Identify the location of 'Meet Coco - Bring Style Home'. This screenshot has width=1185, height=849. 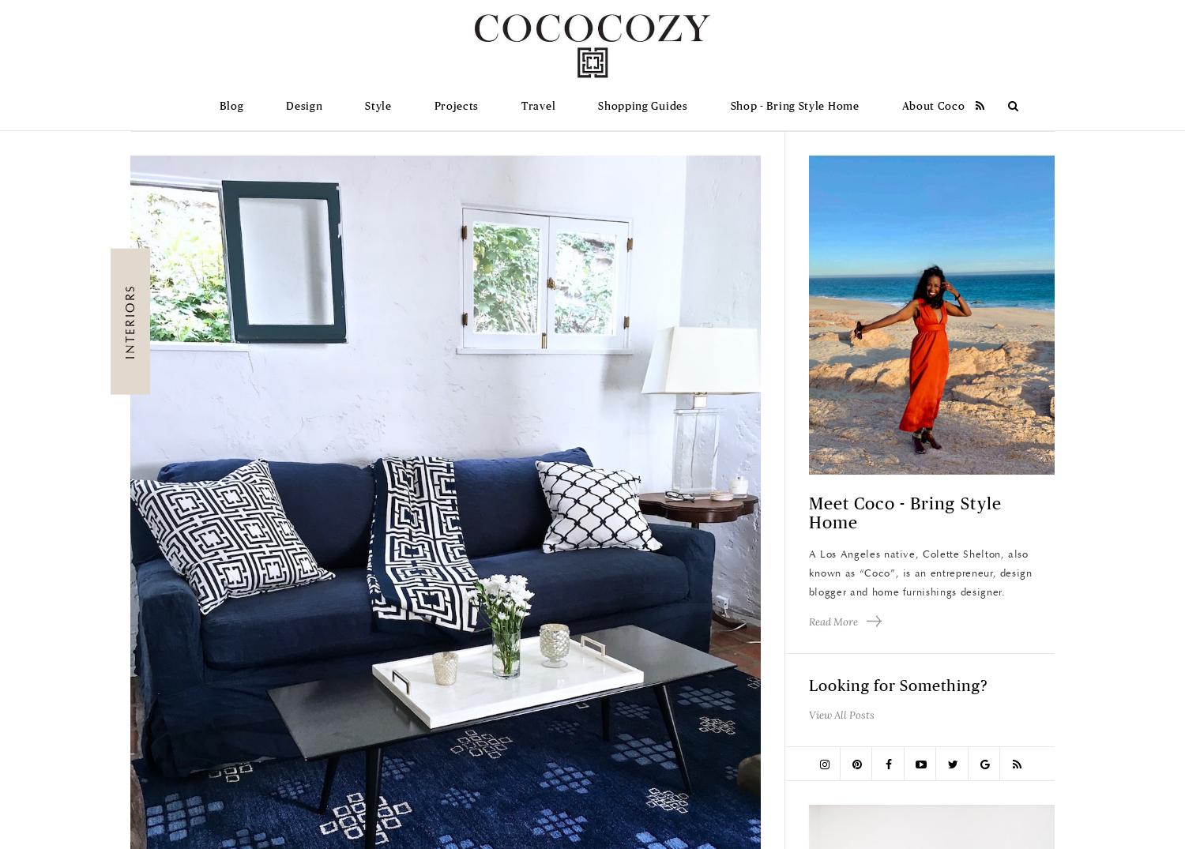
(905, 513).